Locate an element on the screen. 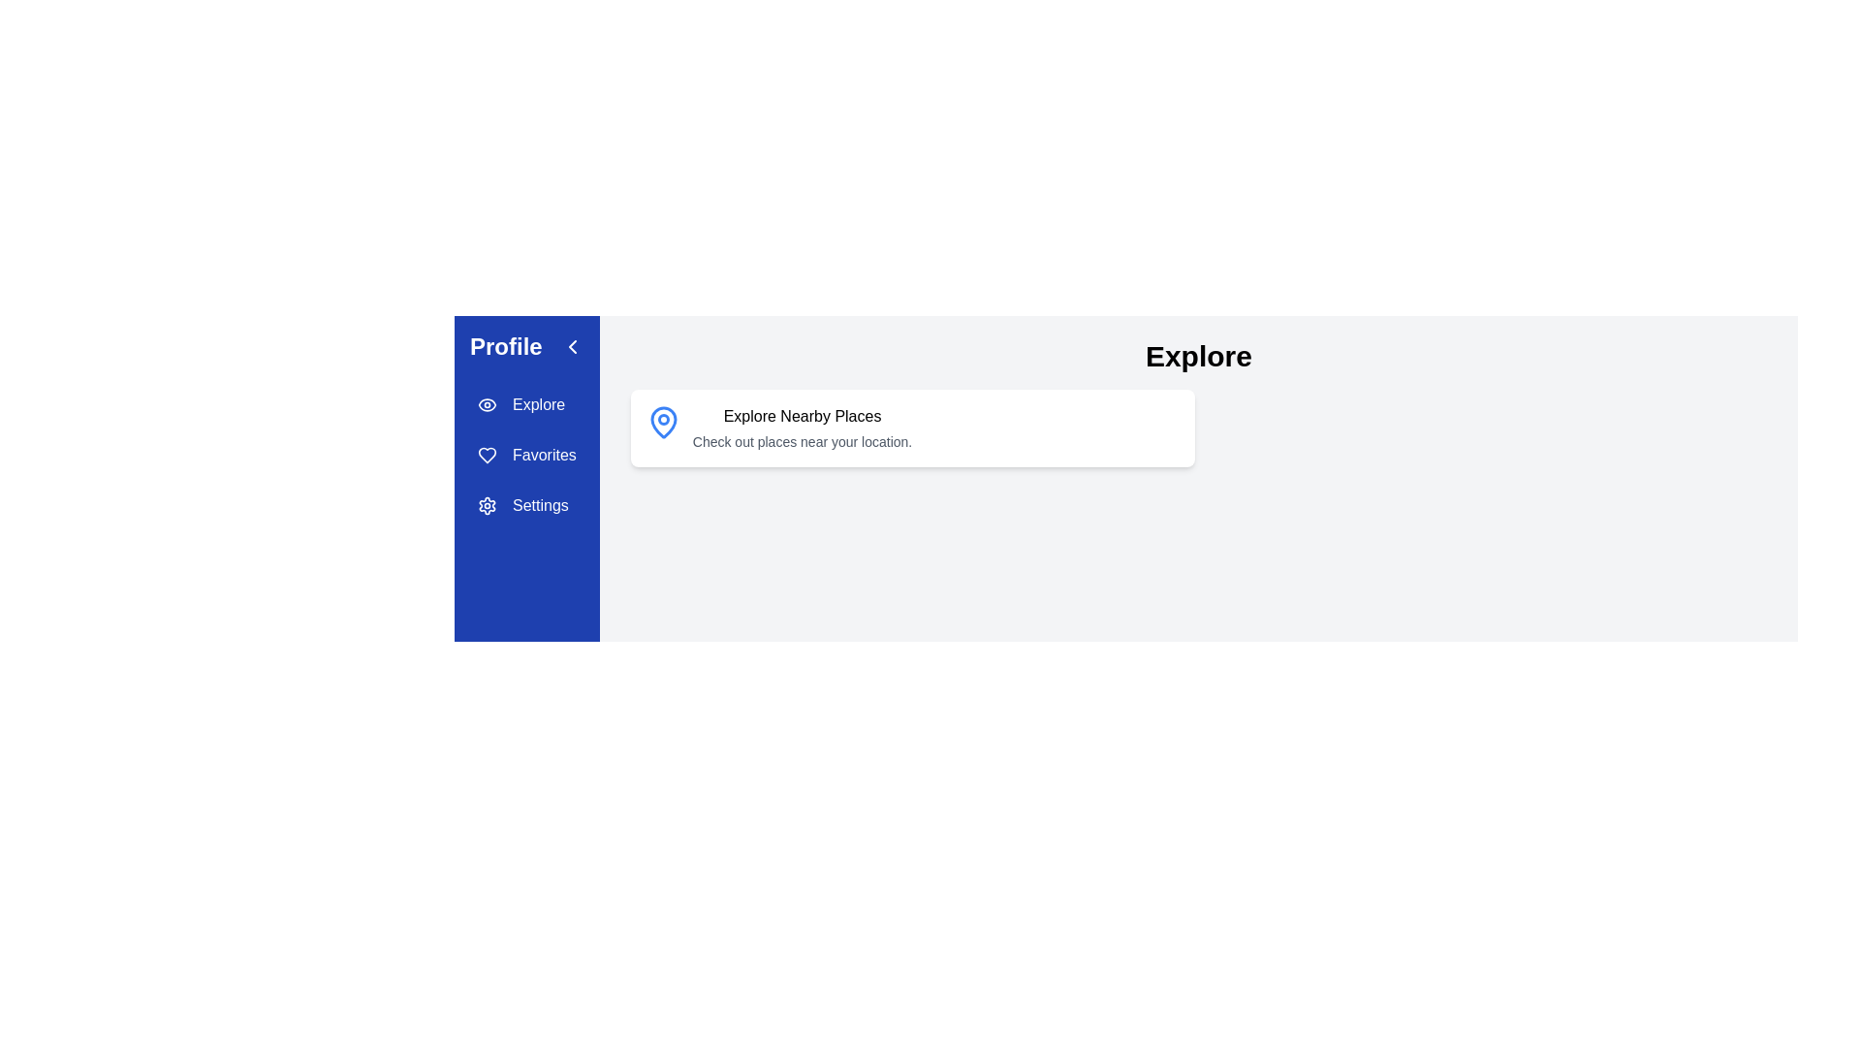 This screenshot has height=1047, width=1861. the 'Favorites' button, which is the second item in the vertically-stacked list in the blue sidebar, positioned between 'Explore' and 'Settings' is located at coordinates (526, 456).